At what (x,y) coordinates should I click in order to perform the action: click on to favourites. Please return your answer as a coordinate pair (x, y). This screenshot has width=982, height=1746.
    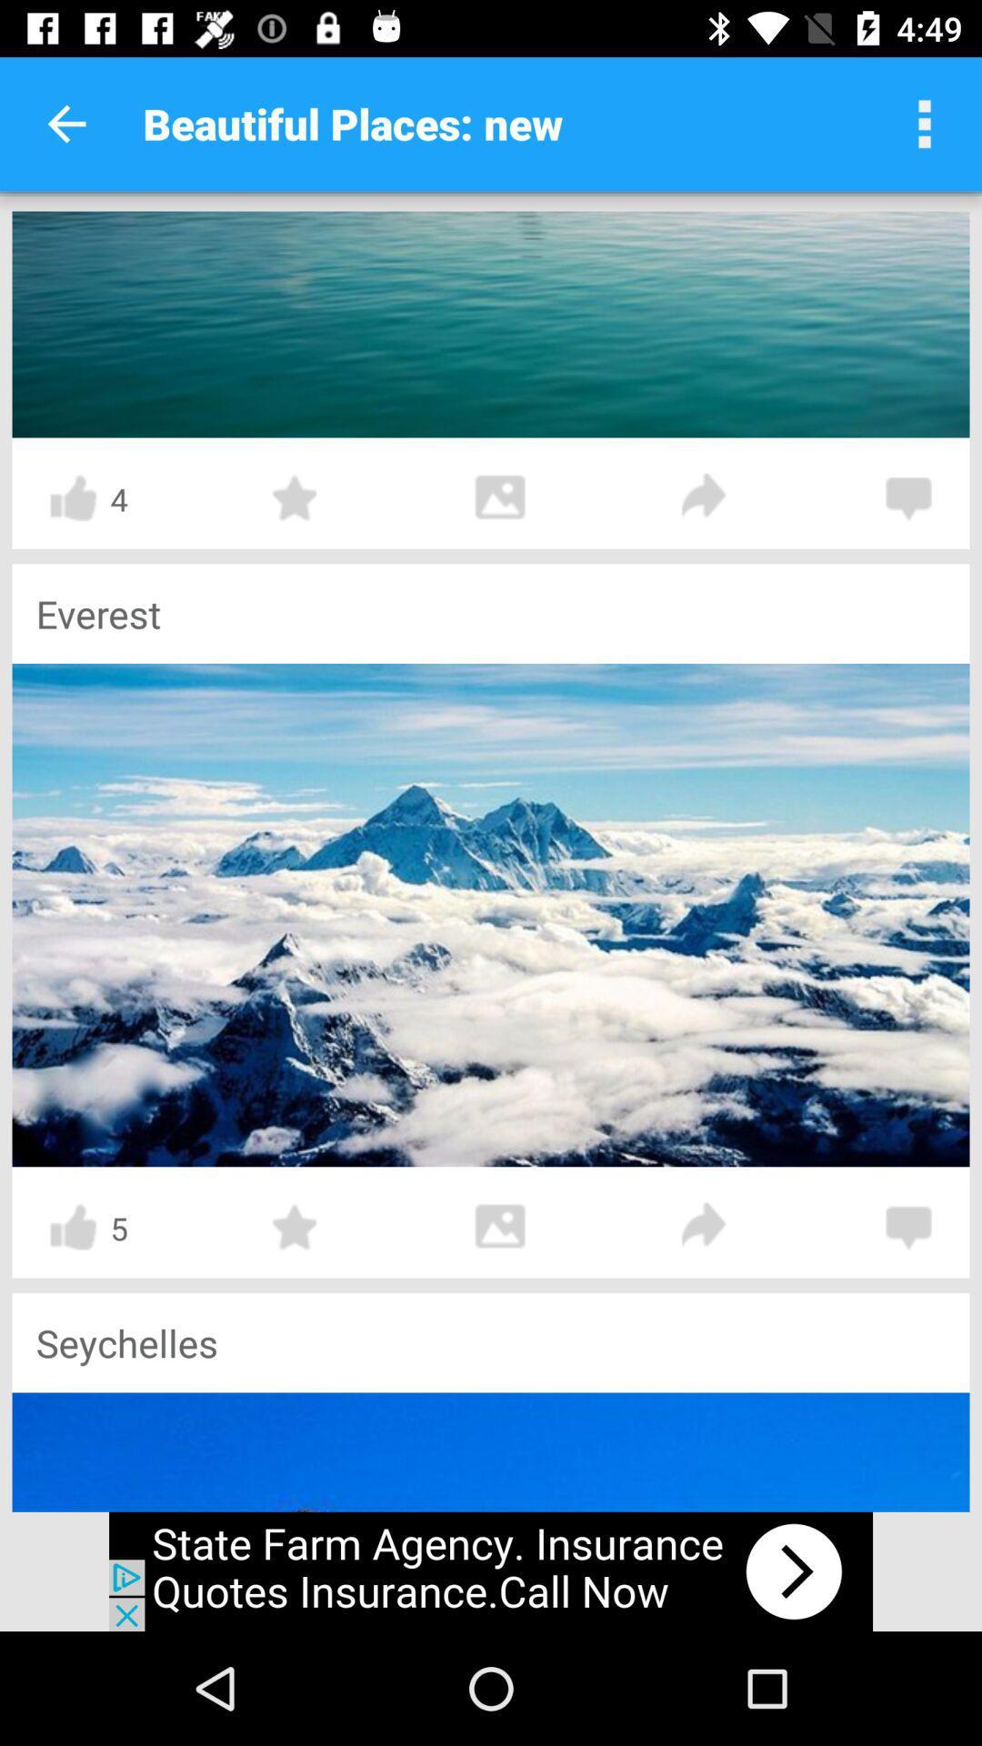
    Looking at the image, I should click on (295, 498).